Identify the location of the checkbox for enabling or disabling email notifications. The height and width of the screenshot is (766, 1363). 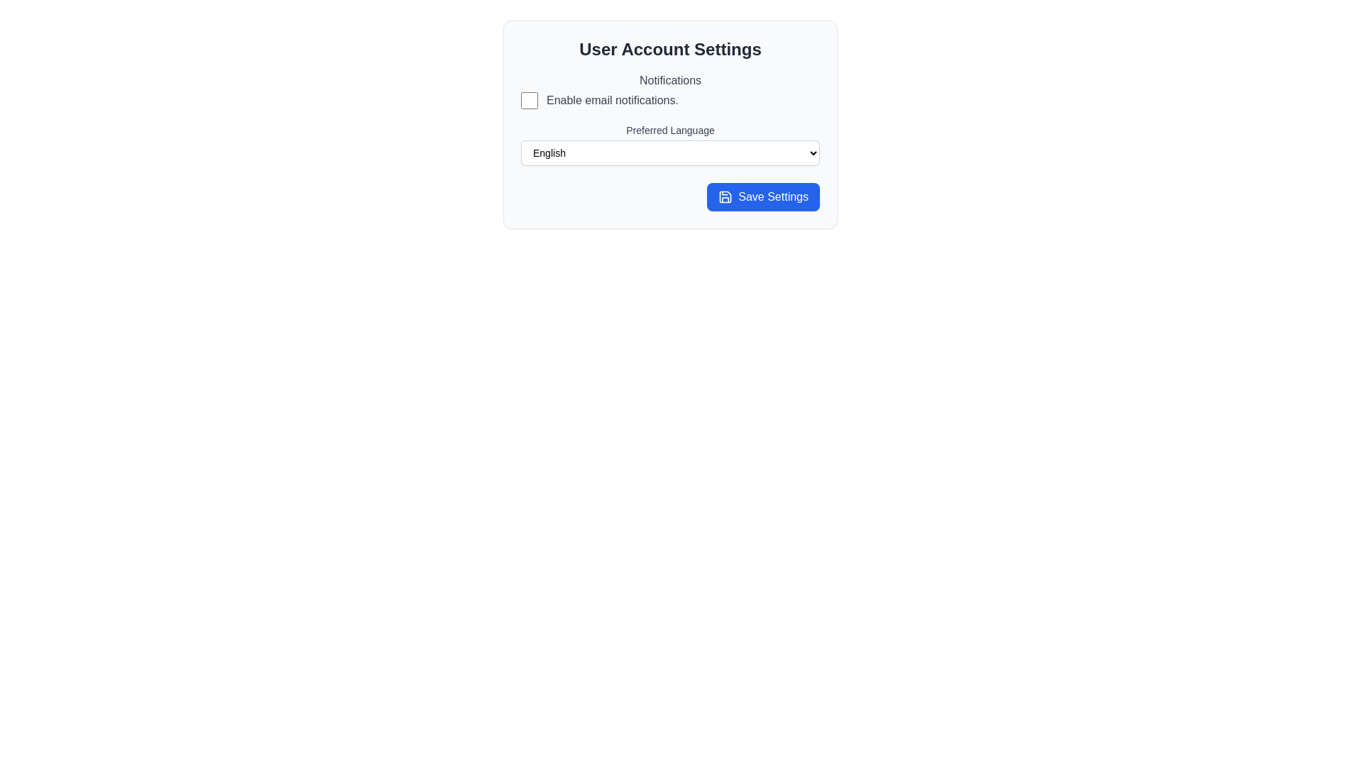
(528, 100).